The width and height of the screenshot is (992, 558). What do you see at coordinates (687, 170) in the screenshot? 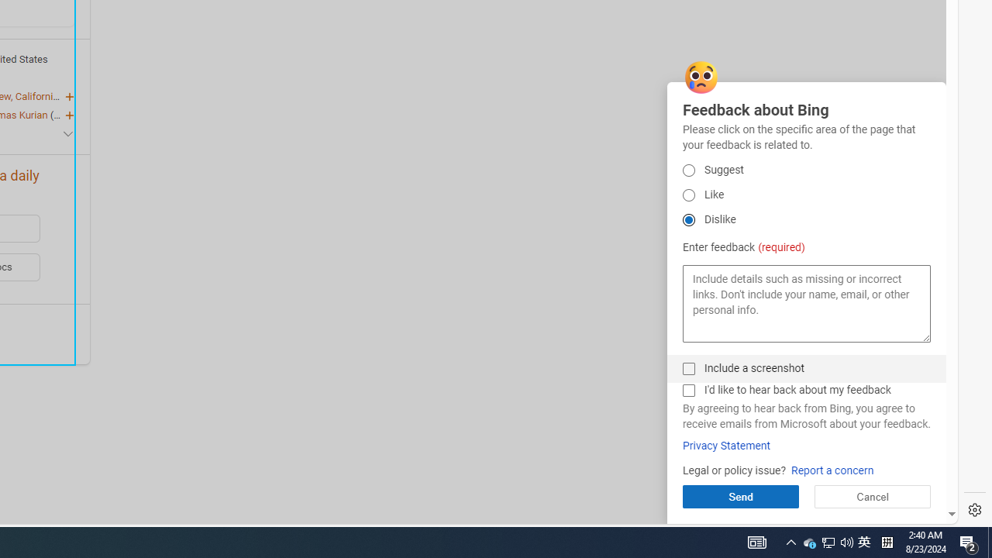
I see `'Suggest'` at bounding box center [687, 170].